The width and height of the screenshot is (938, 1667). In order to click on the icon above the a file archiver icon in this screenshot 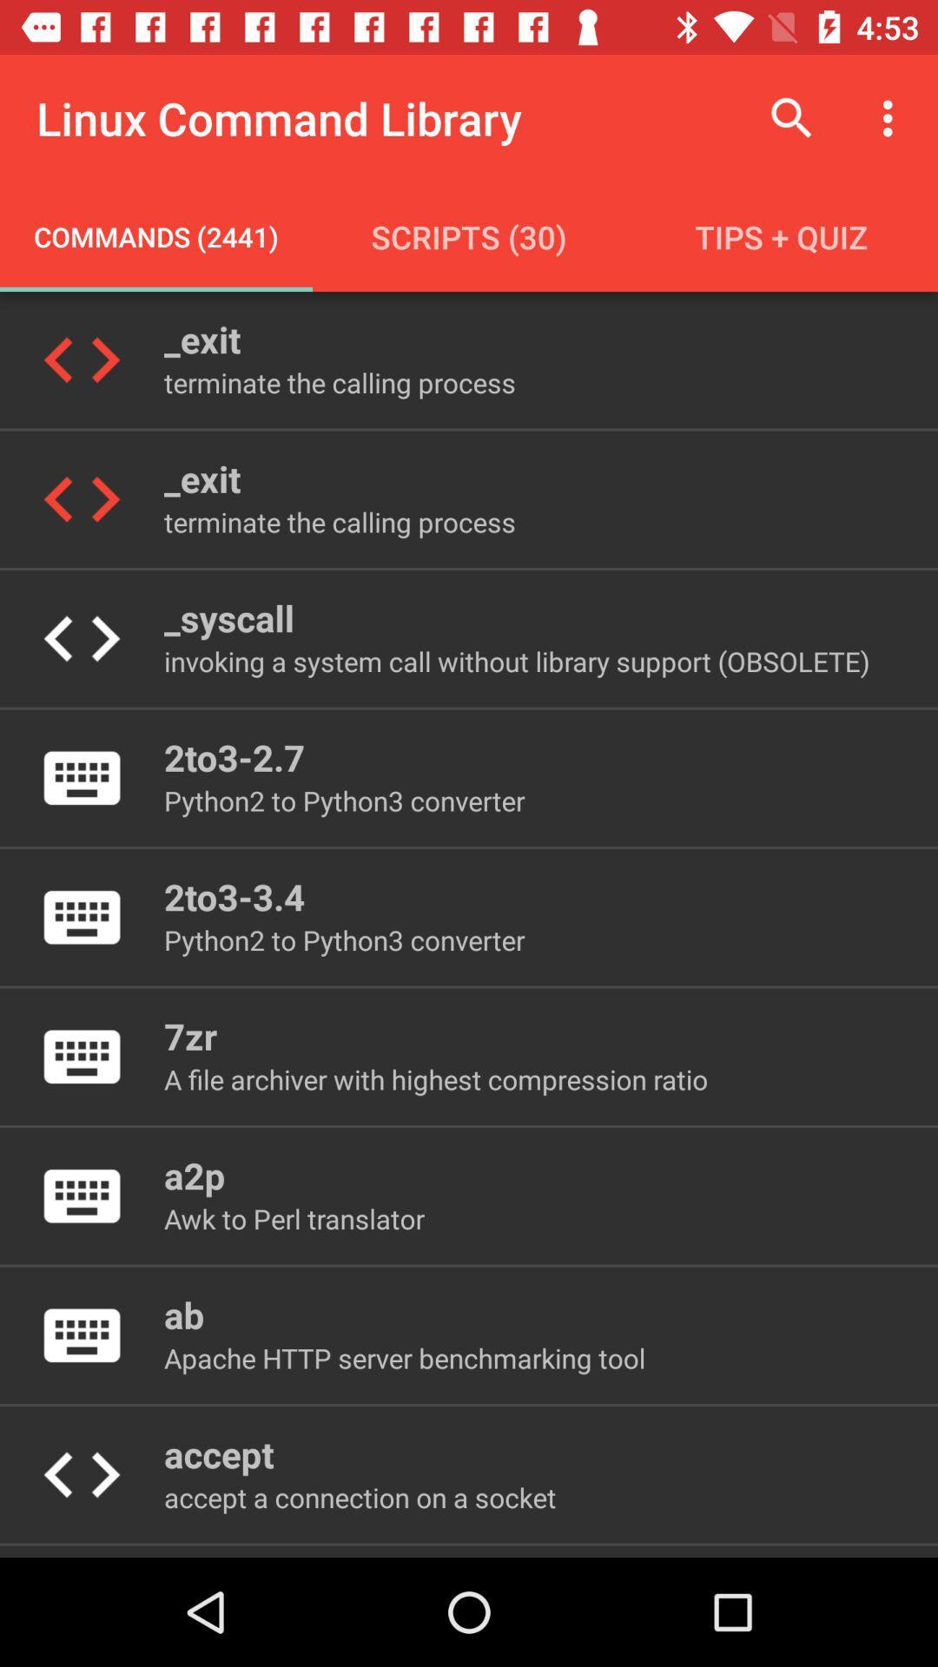, I will do `click(190, 1036)`.